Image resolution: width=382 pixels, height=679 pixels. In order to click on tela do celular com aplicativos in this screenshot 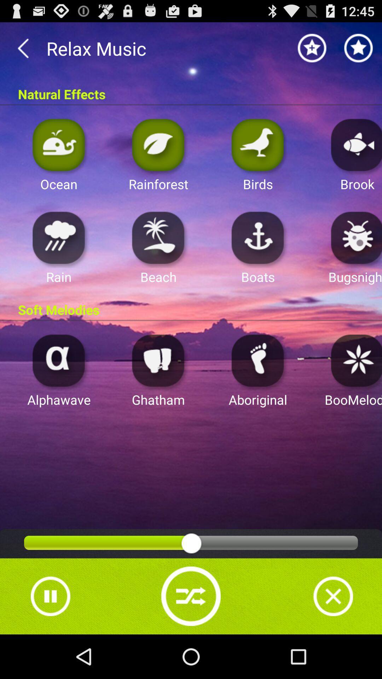, I will do `click(58, 237)`.